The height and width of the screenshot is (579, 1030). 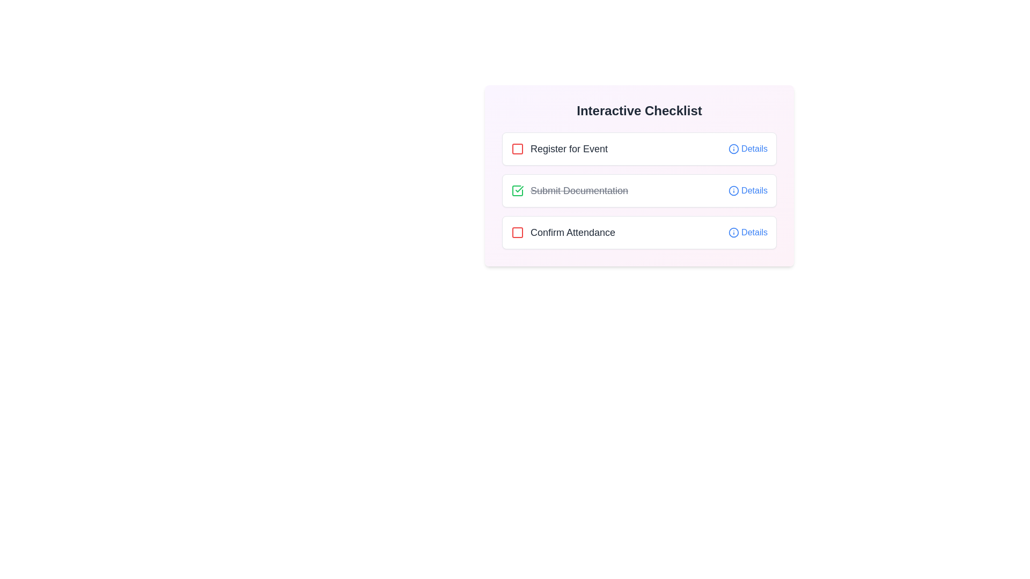 I want to click on the visual indicator that signals an unchecked state in the 'Confirm Attendance' checklist item, so click(x=517, y=232).